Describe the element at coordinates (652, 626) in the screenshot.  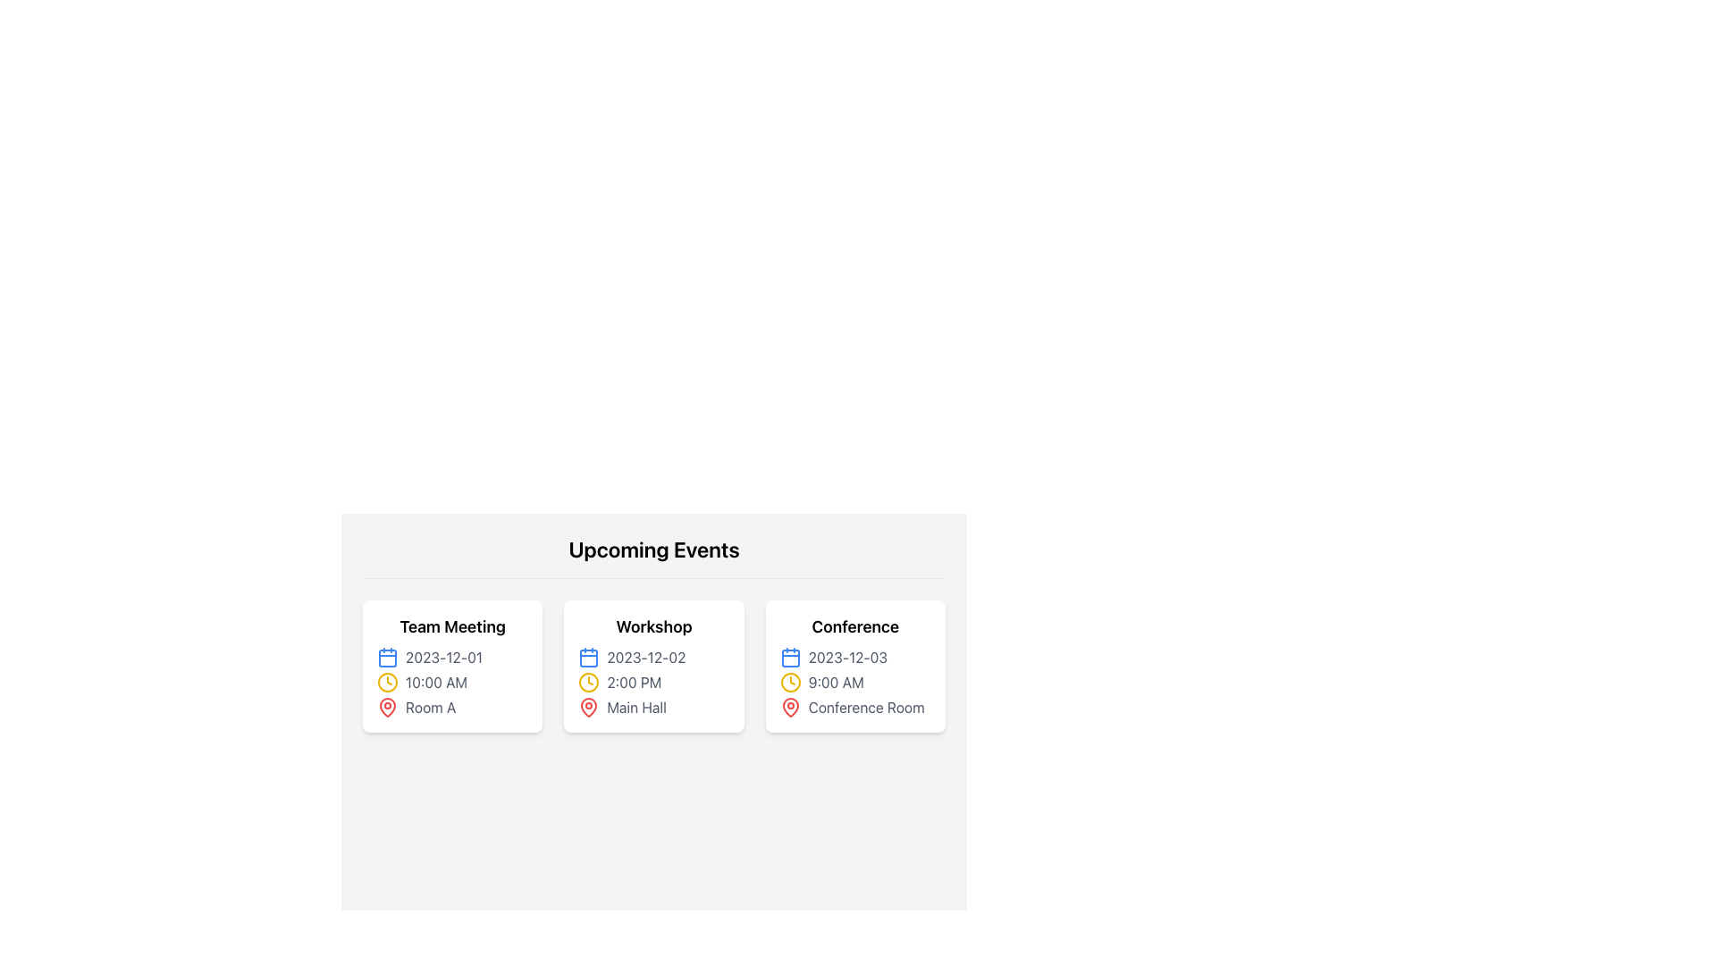
I see `the 'Workshop' text label, which is a bold header within the middle card of the 'Upcoming Events' section` at that location.